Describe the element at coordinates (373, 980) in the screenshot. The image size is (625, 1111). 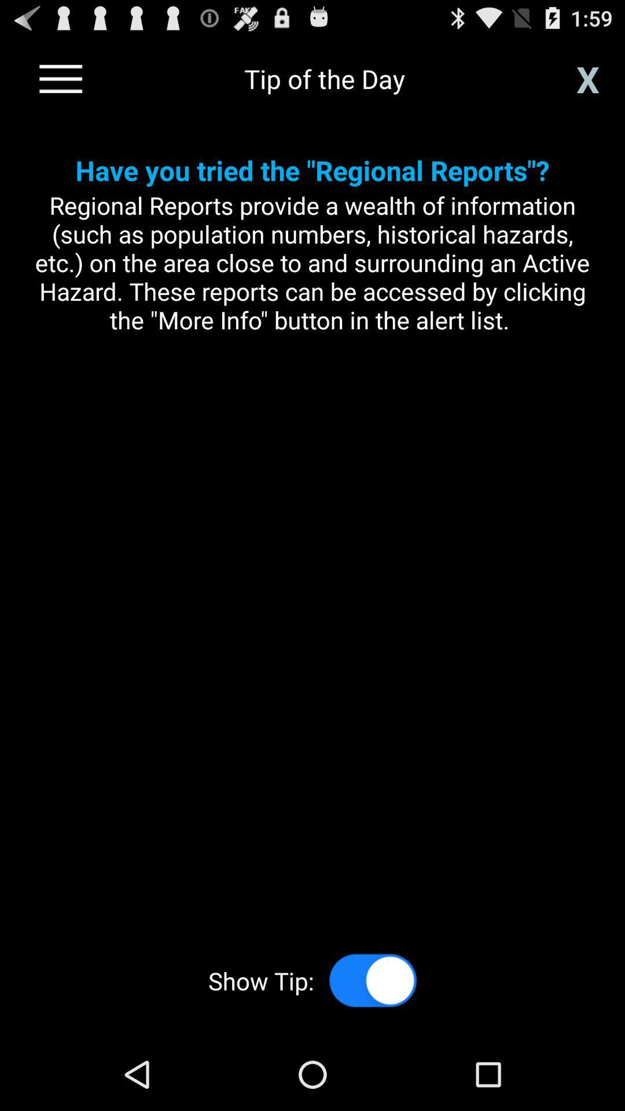
I see `on` at that location.